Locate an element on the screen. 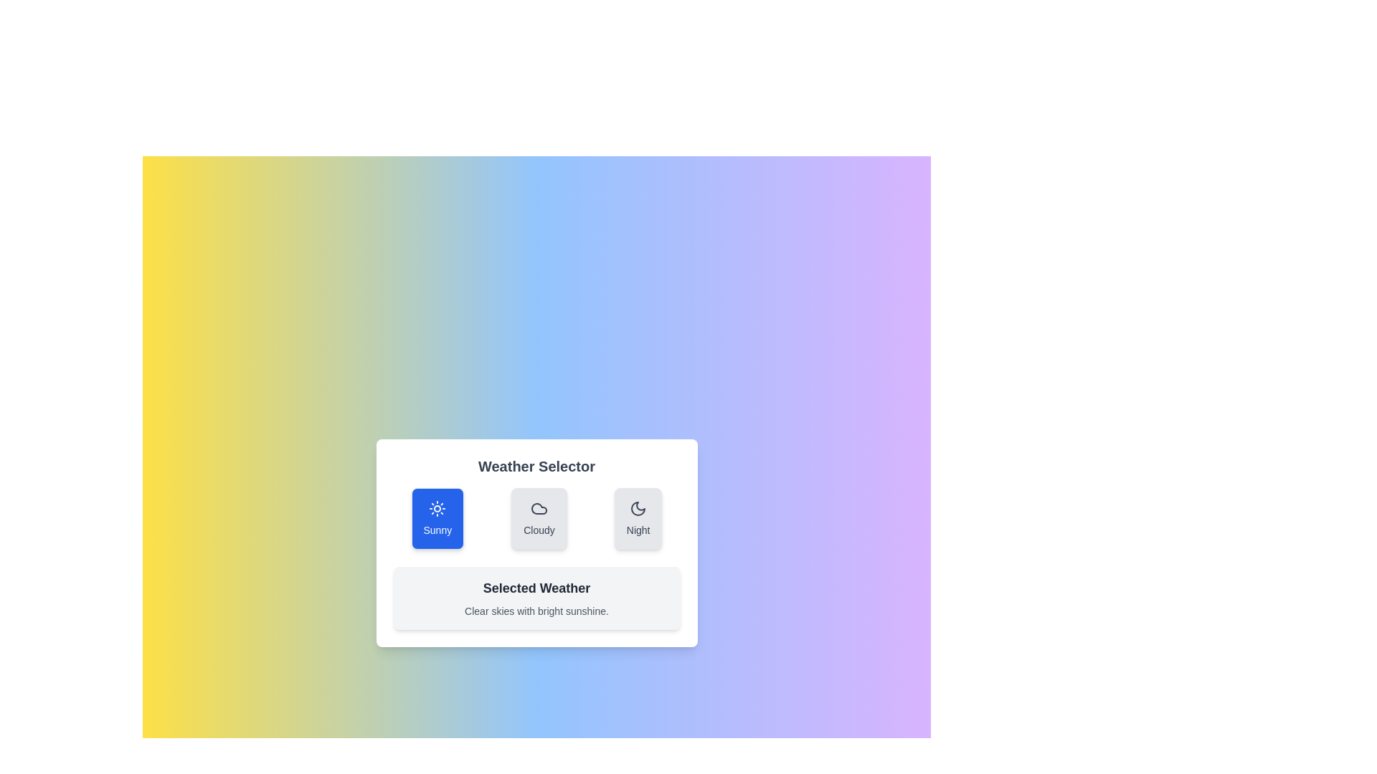  the text label displaying 'Sunny' which is styled with a light font weight and white color, located at the center of a rounded blue button is located at coordinates (437, 530).